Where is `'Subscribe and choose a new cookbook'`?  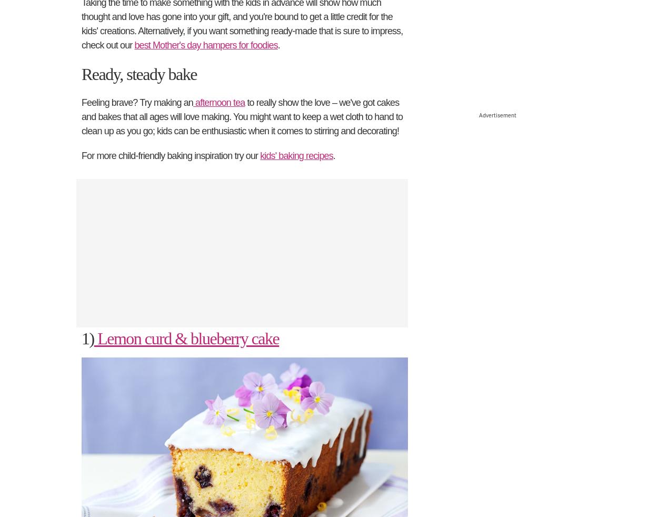 'Subscribe and choose a new cookbook' is located at coordinates (191, 332).